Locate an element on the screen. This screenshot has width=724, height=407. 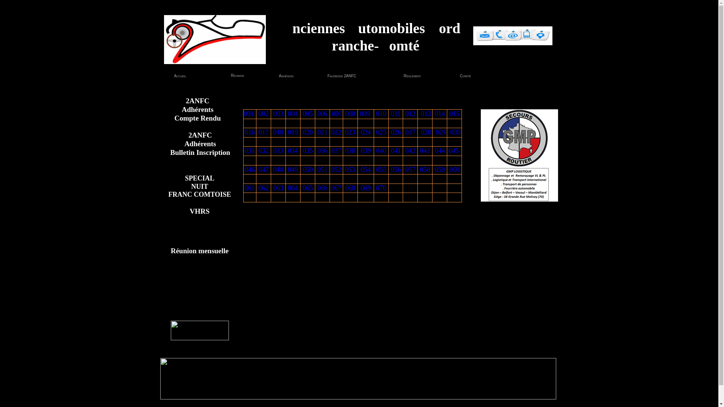
'039' is located at coordinates (365, 151).